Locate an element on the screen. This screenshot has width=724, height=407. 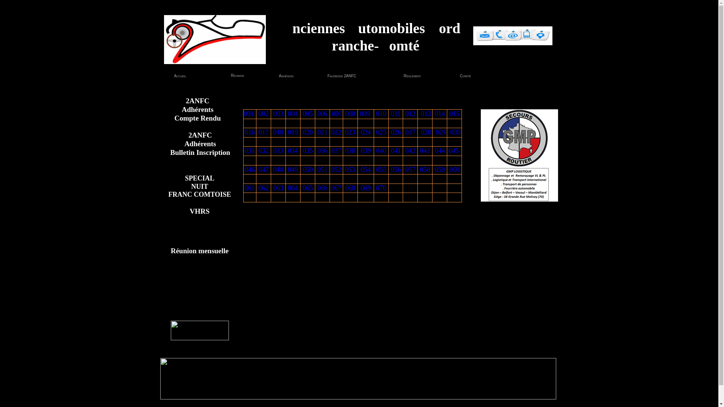
'039' is located at coordinates (365, 151).